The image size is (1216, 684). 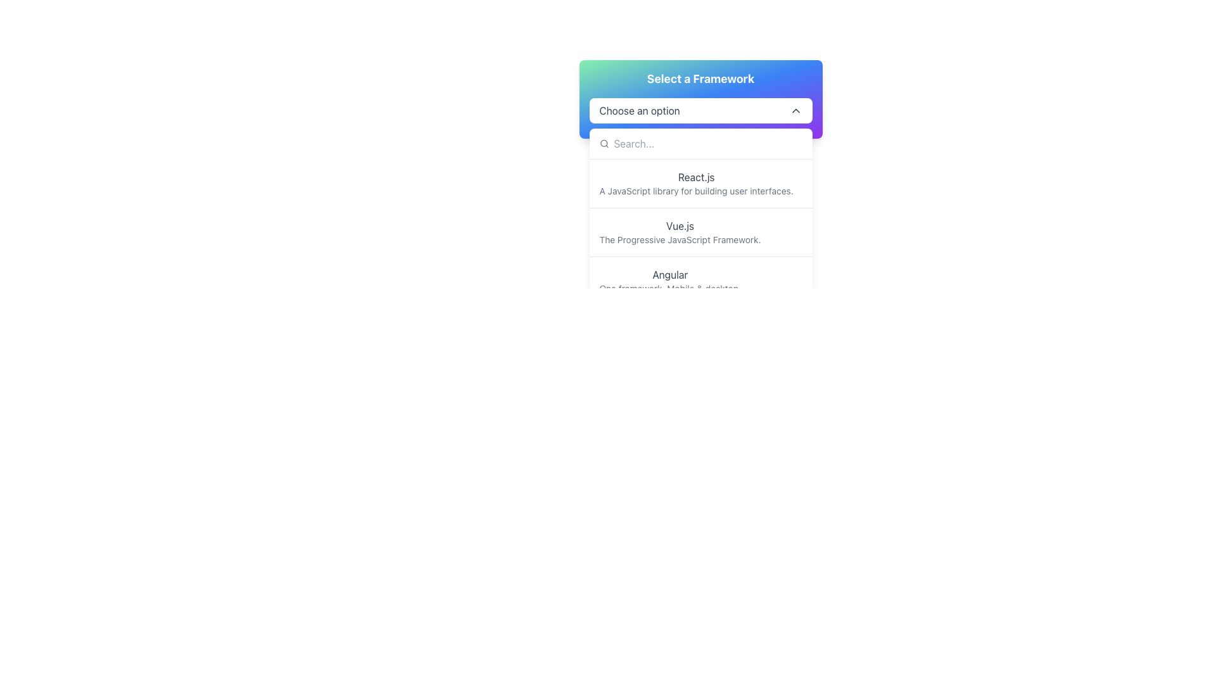 I want to click on the third list item in the dropdown that represents the 'Angular' framework to change its background color, so click(x=700, y=280).